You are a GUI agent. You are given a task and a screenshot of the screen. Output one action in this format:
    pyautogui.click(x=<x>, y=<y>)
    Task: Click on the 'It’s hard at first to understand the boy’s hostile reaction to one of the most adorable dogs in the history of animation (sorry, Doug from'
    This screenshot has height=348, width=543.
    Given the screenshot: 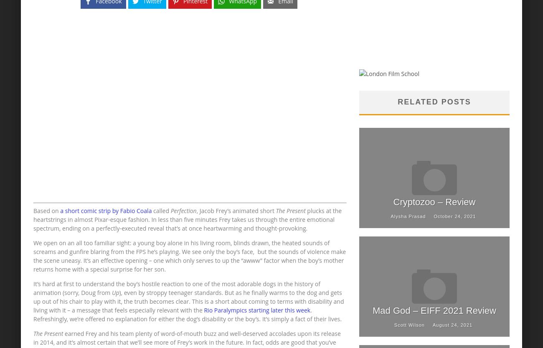 What is the action you would take?
    pyautogui.click(x=33, y=287)
    